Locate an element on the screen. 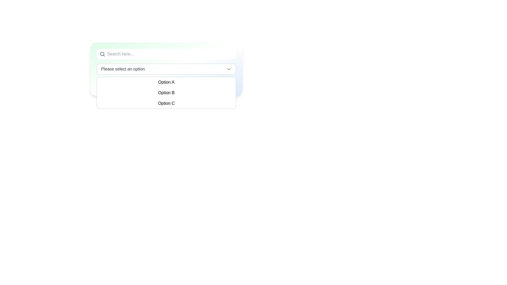 This screenshot has height=285, width=507. the dropdown menu options is located at coordinates (166, 92).